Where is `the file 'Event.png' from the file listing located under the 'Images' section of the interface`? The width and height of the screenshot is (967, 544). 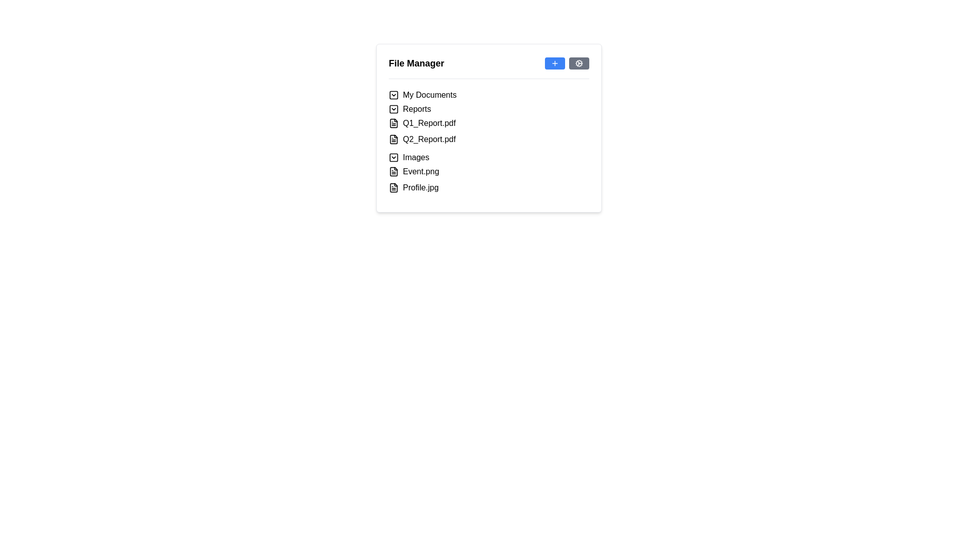 the file 'Event.png' from the file listing located under the 'Images' section of the interface is located at coordinates (489, 179).